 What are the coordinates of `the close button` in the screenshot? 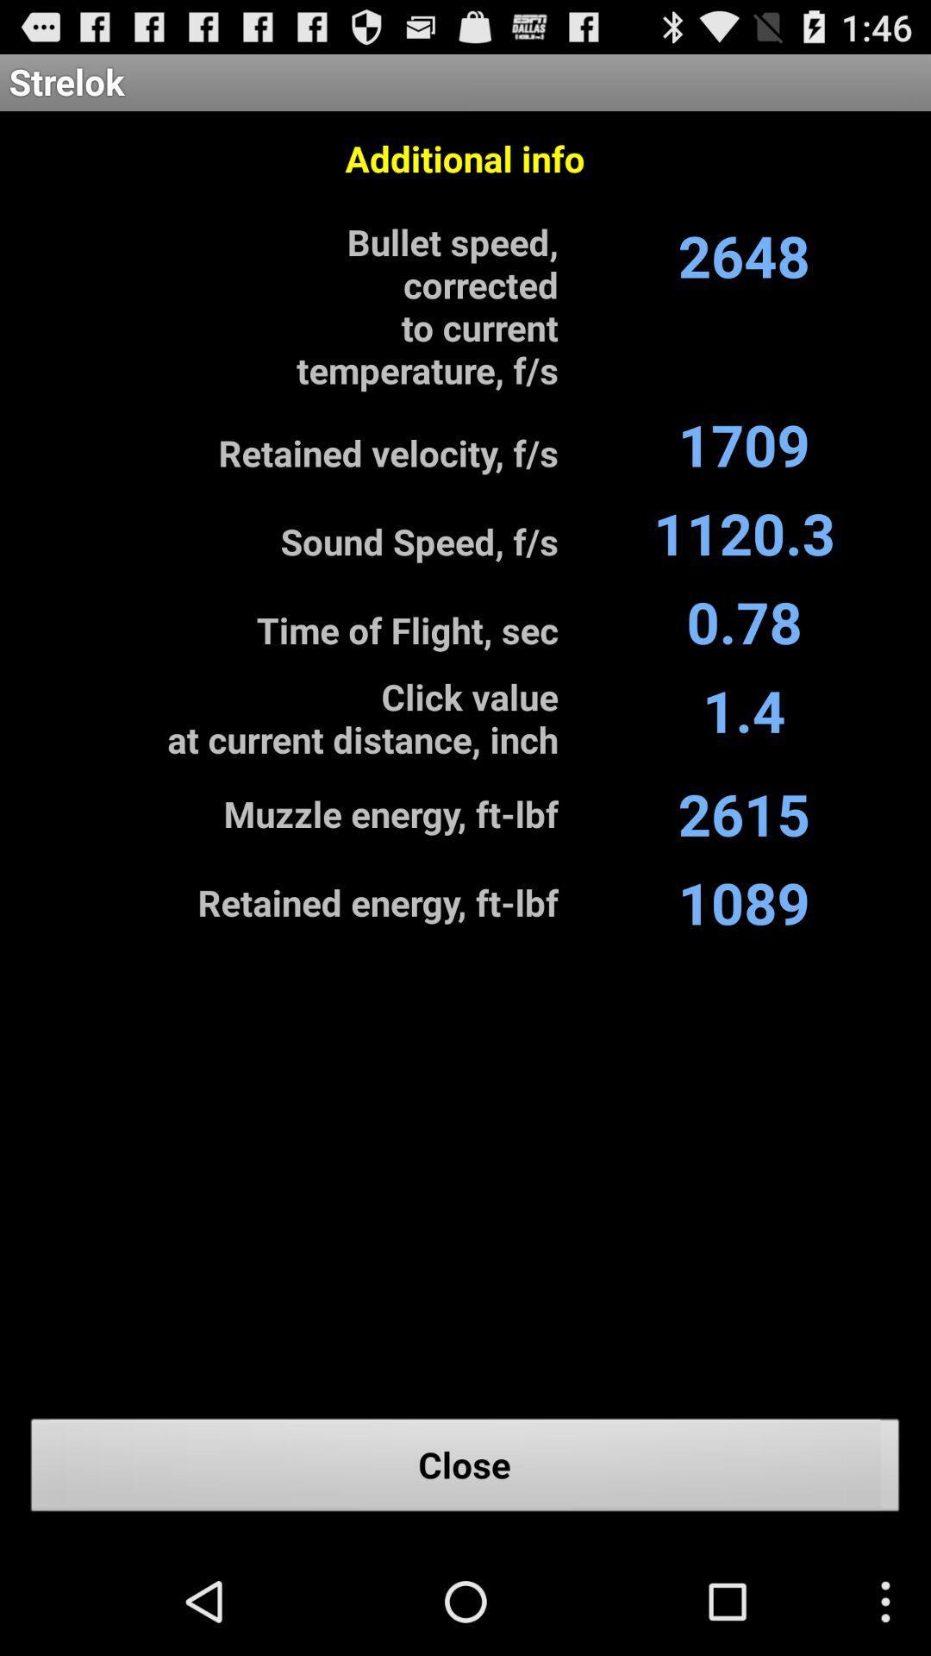 It's located at (465, 1469).